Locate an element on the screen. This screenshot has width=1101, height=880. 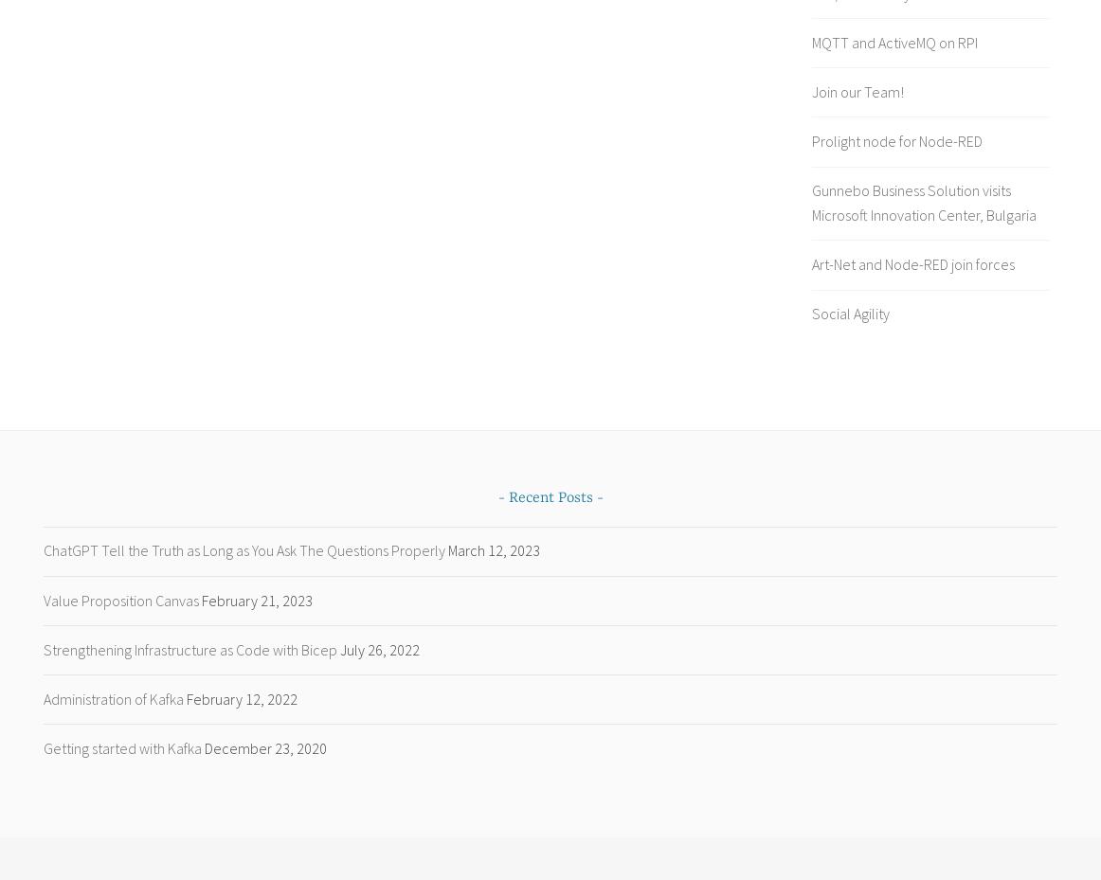
'December 23, 2020' is located at coordinates (265, 747).